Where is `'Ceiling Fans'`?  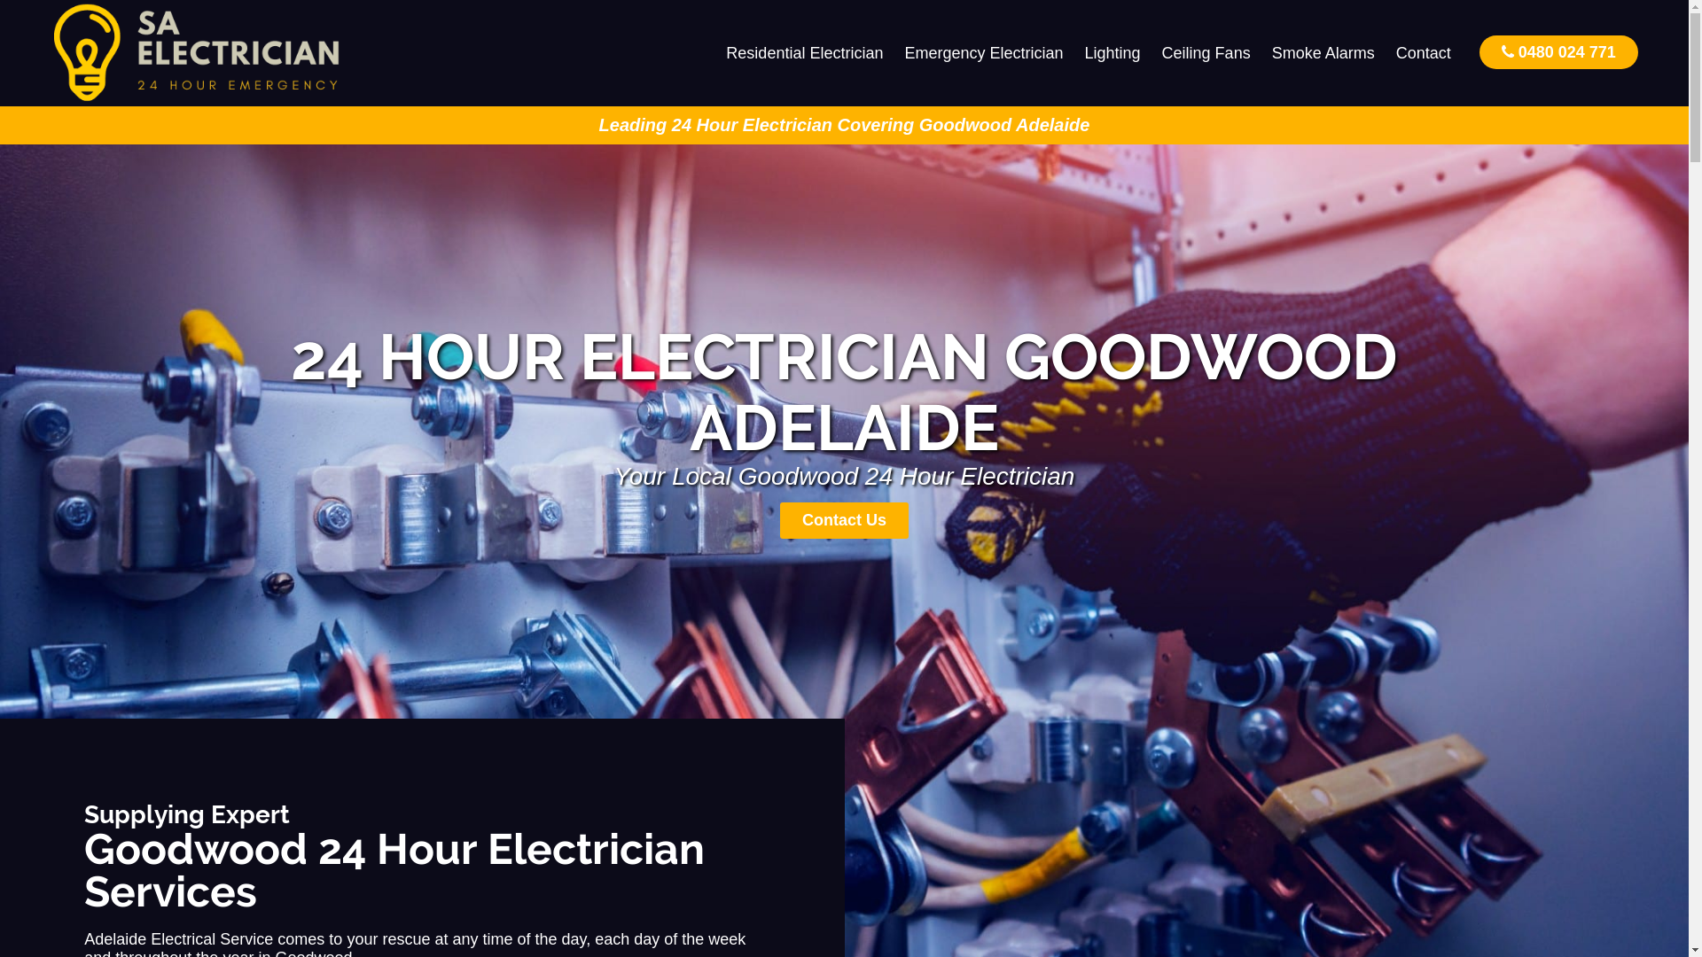 'Ceiling Fans' is located at coordinates (1206, 52).